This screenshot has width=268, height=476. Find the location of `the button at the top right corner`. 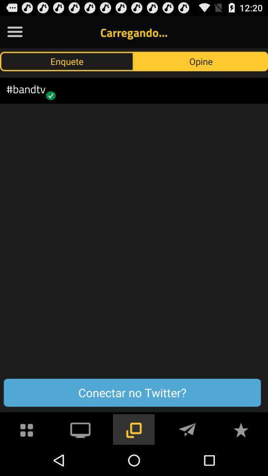

the button at the top right corner is located at coordinates (201, 60).